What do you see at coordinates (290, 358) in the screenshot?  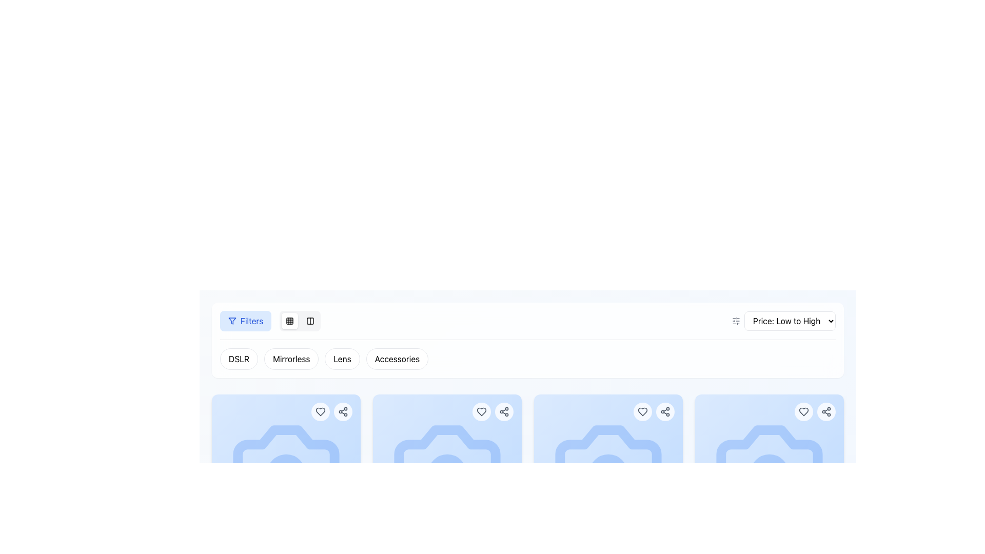 I see `the 'Mirrorless' filter button, which is the second button in a row of four filter buttons at the bottom of the filter bar` at bounding box center [290, 358].